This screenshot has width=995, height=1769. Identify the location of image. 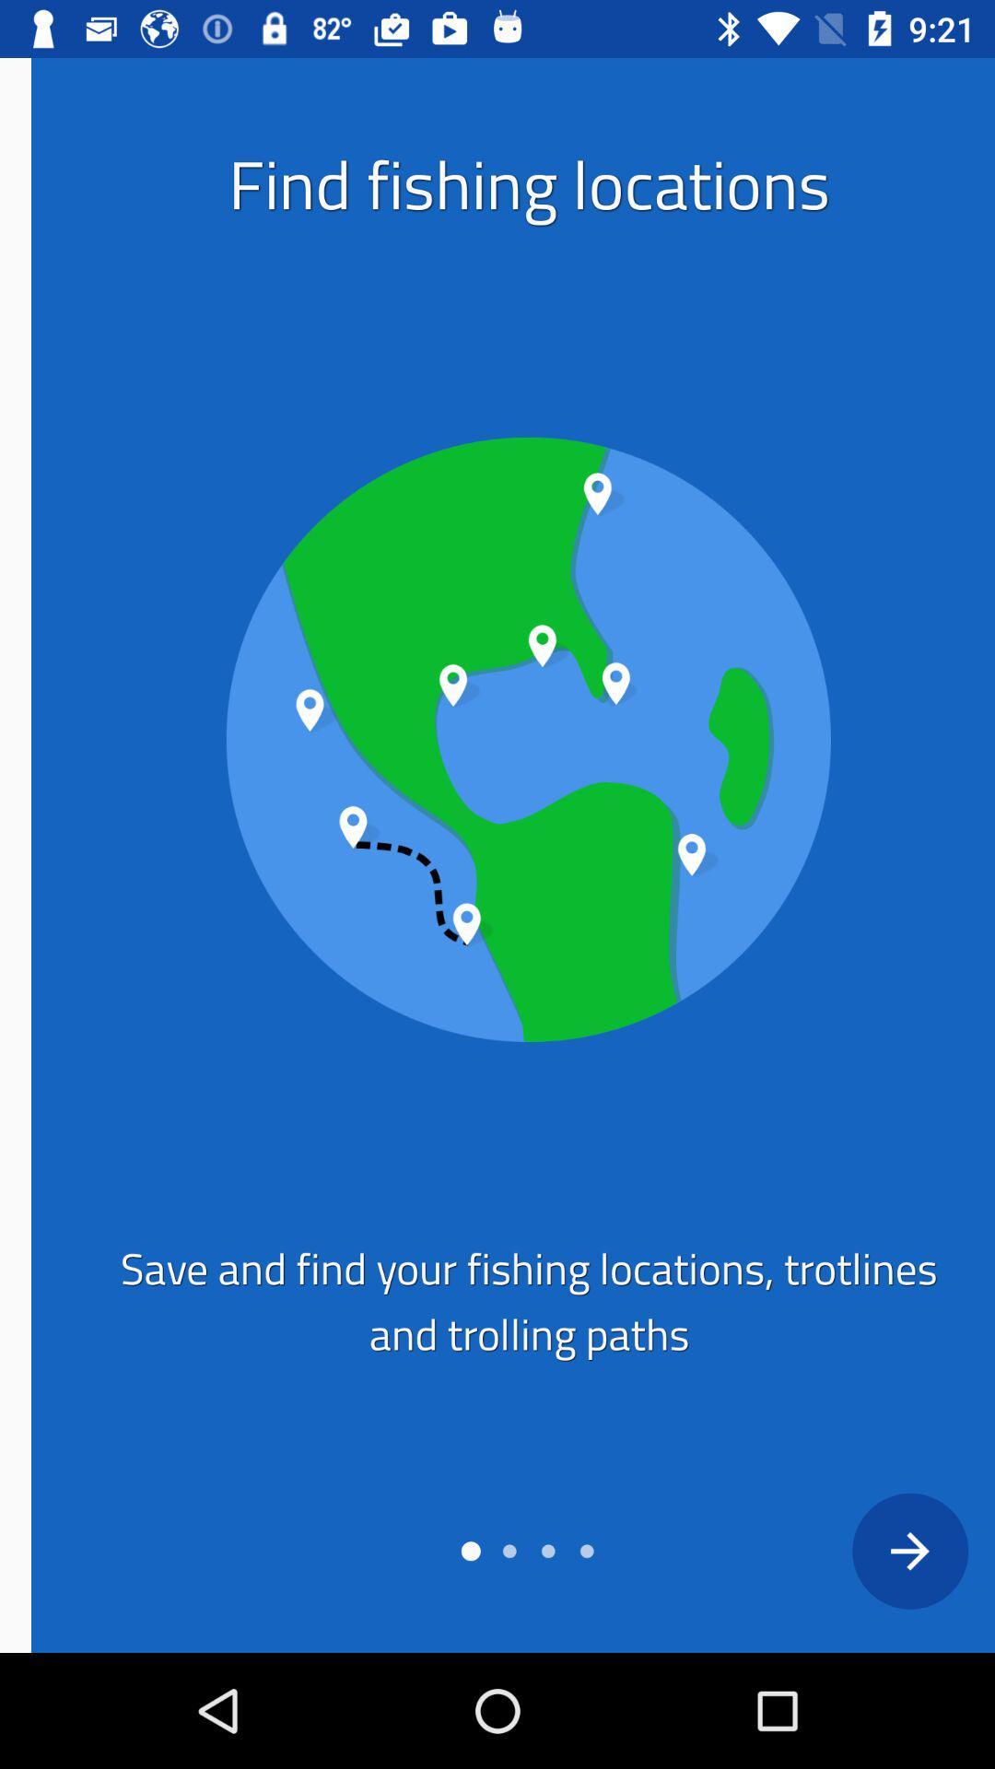
(496, 739).